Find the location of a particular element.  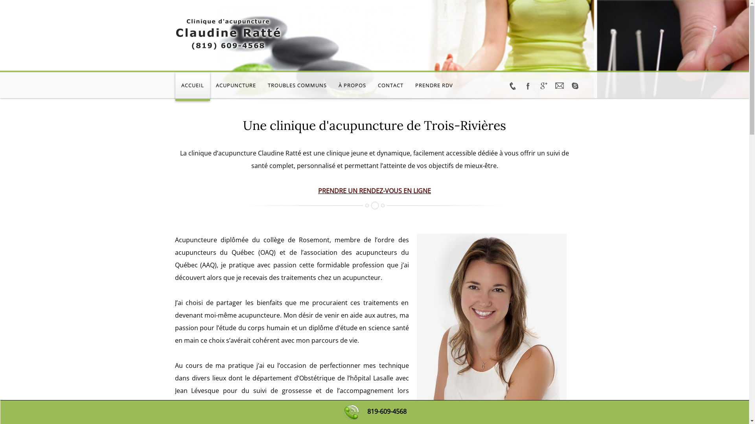

'Google+' is located at coordinates (543, 86).